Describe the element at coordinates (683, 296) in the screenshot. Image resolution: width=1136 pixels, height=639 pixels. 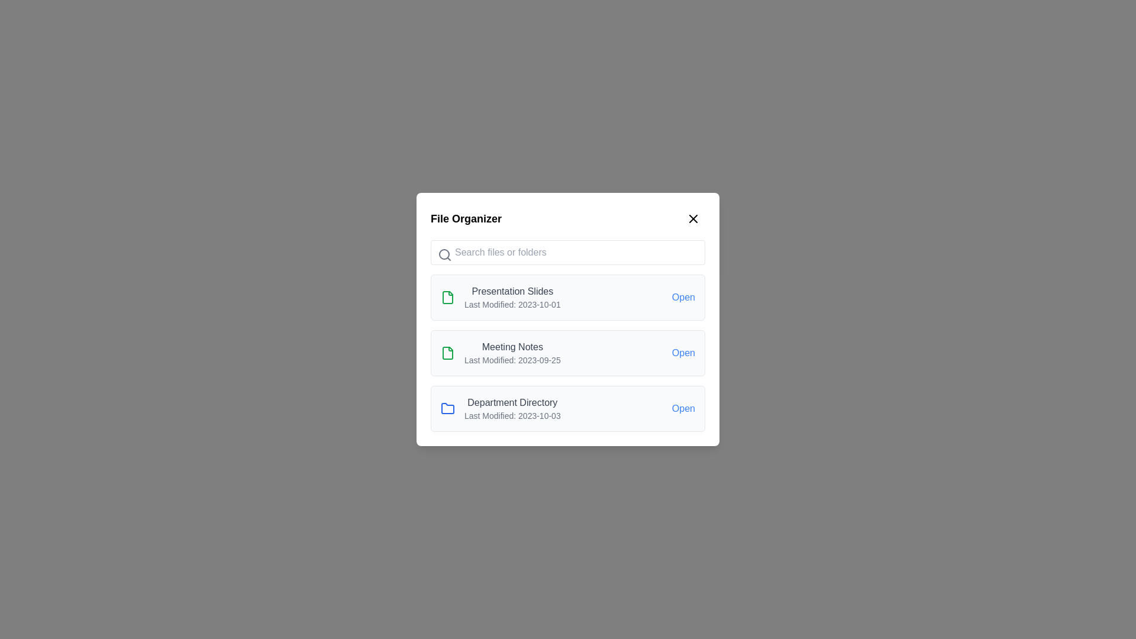
I see `the 'Open' button for Presentation Slides` at that location.